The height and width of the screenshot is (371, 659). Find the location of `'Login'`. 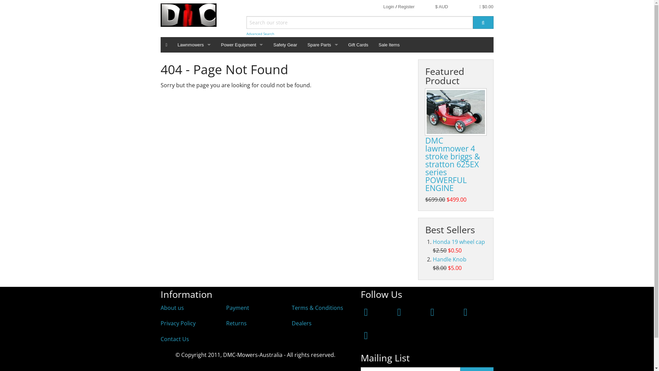

'Login' is located at coordinates (389, 7).